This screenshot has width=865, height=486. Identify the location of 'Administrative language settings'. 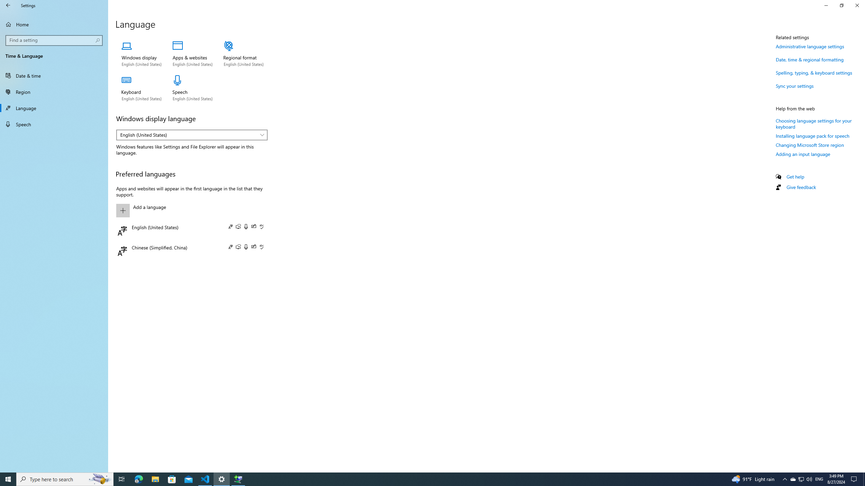
(810, 46).